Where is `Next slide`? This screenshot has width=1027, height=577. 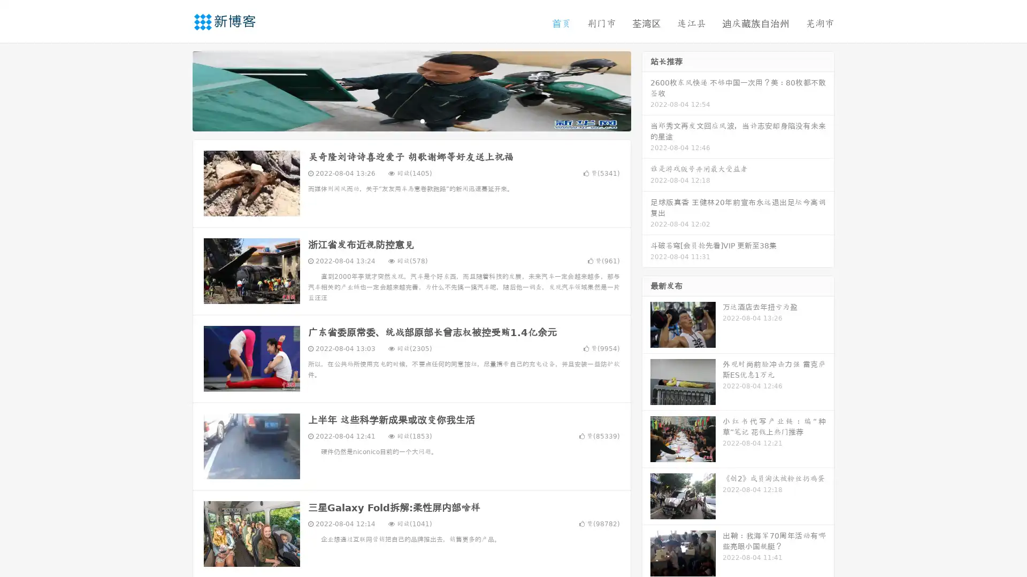 Next slide is located at coordinates (646, 90).